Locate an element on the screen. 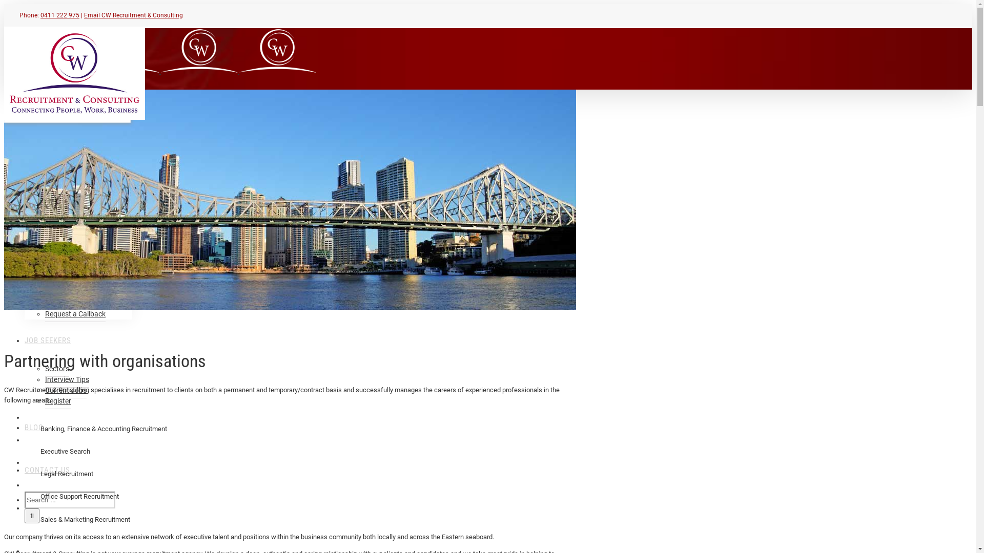 The height and width of the screenshot is (553, 984). 'Interview Tips' is located at coordinates (44, 379).